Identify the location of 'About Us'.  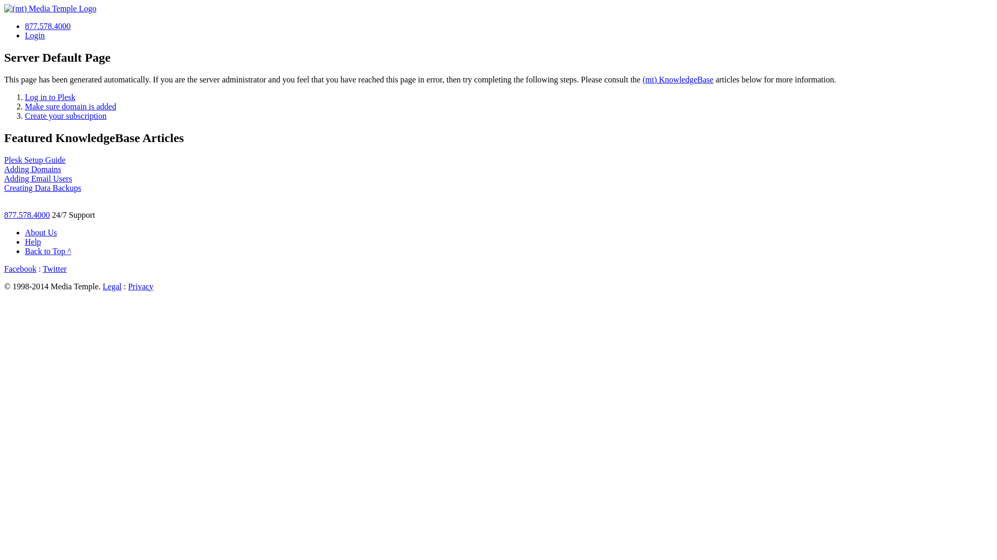
(41, 232).